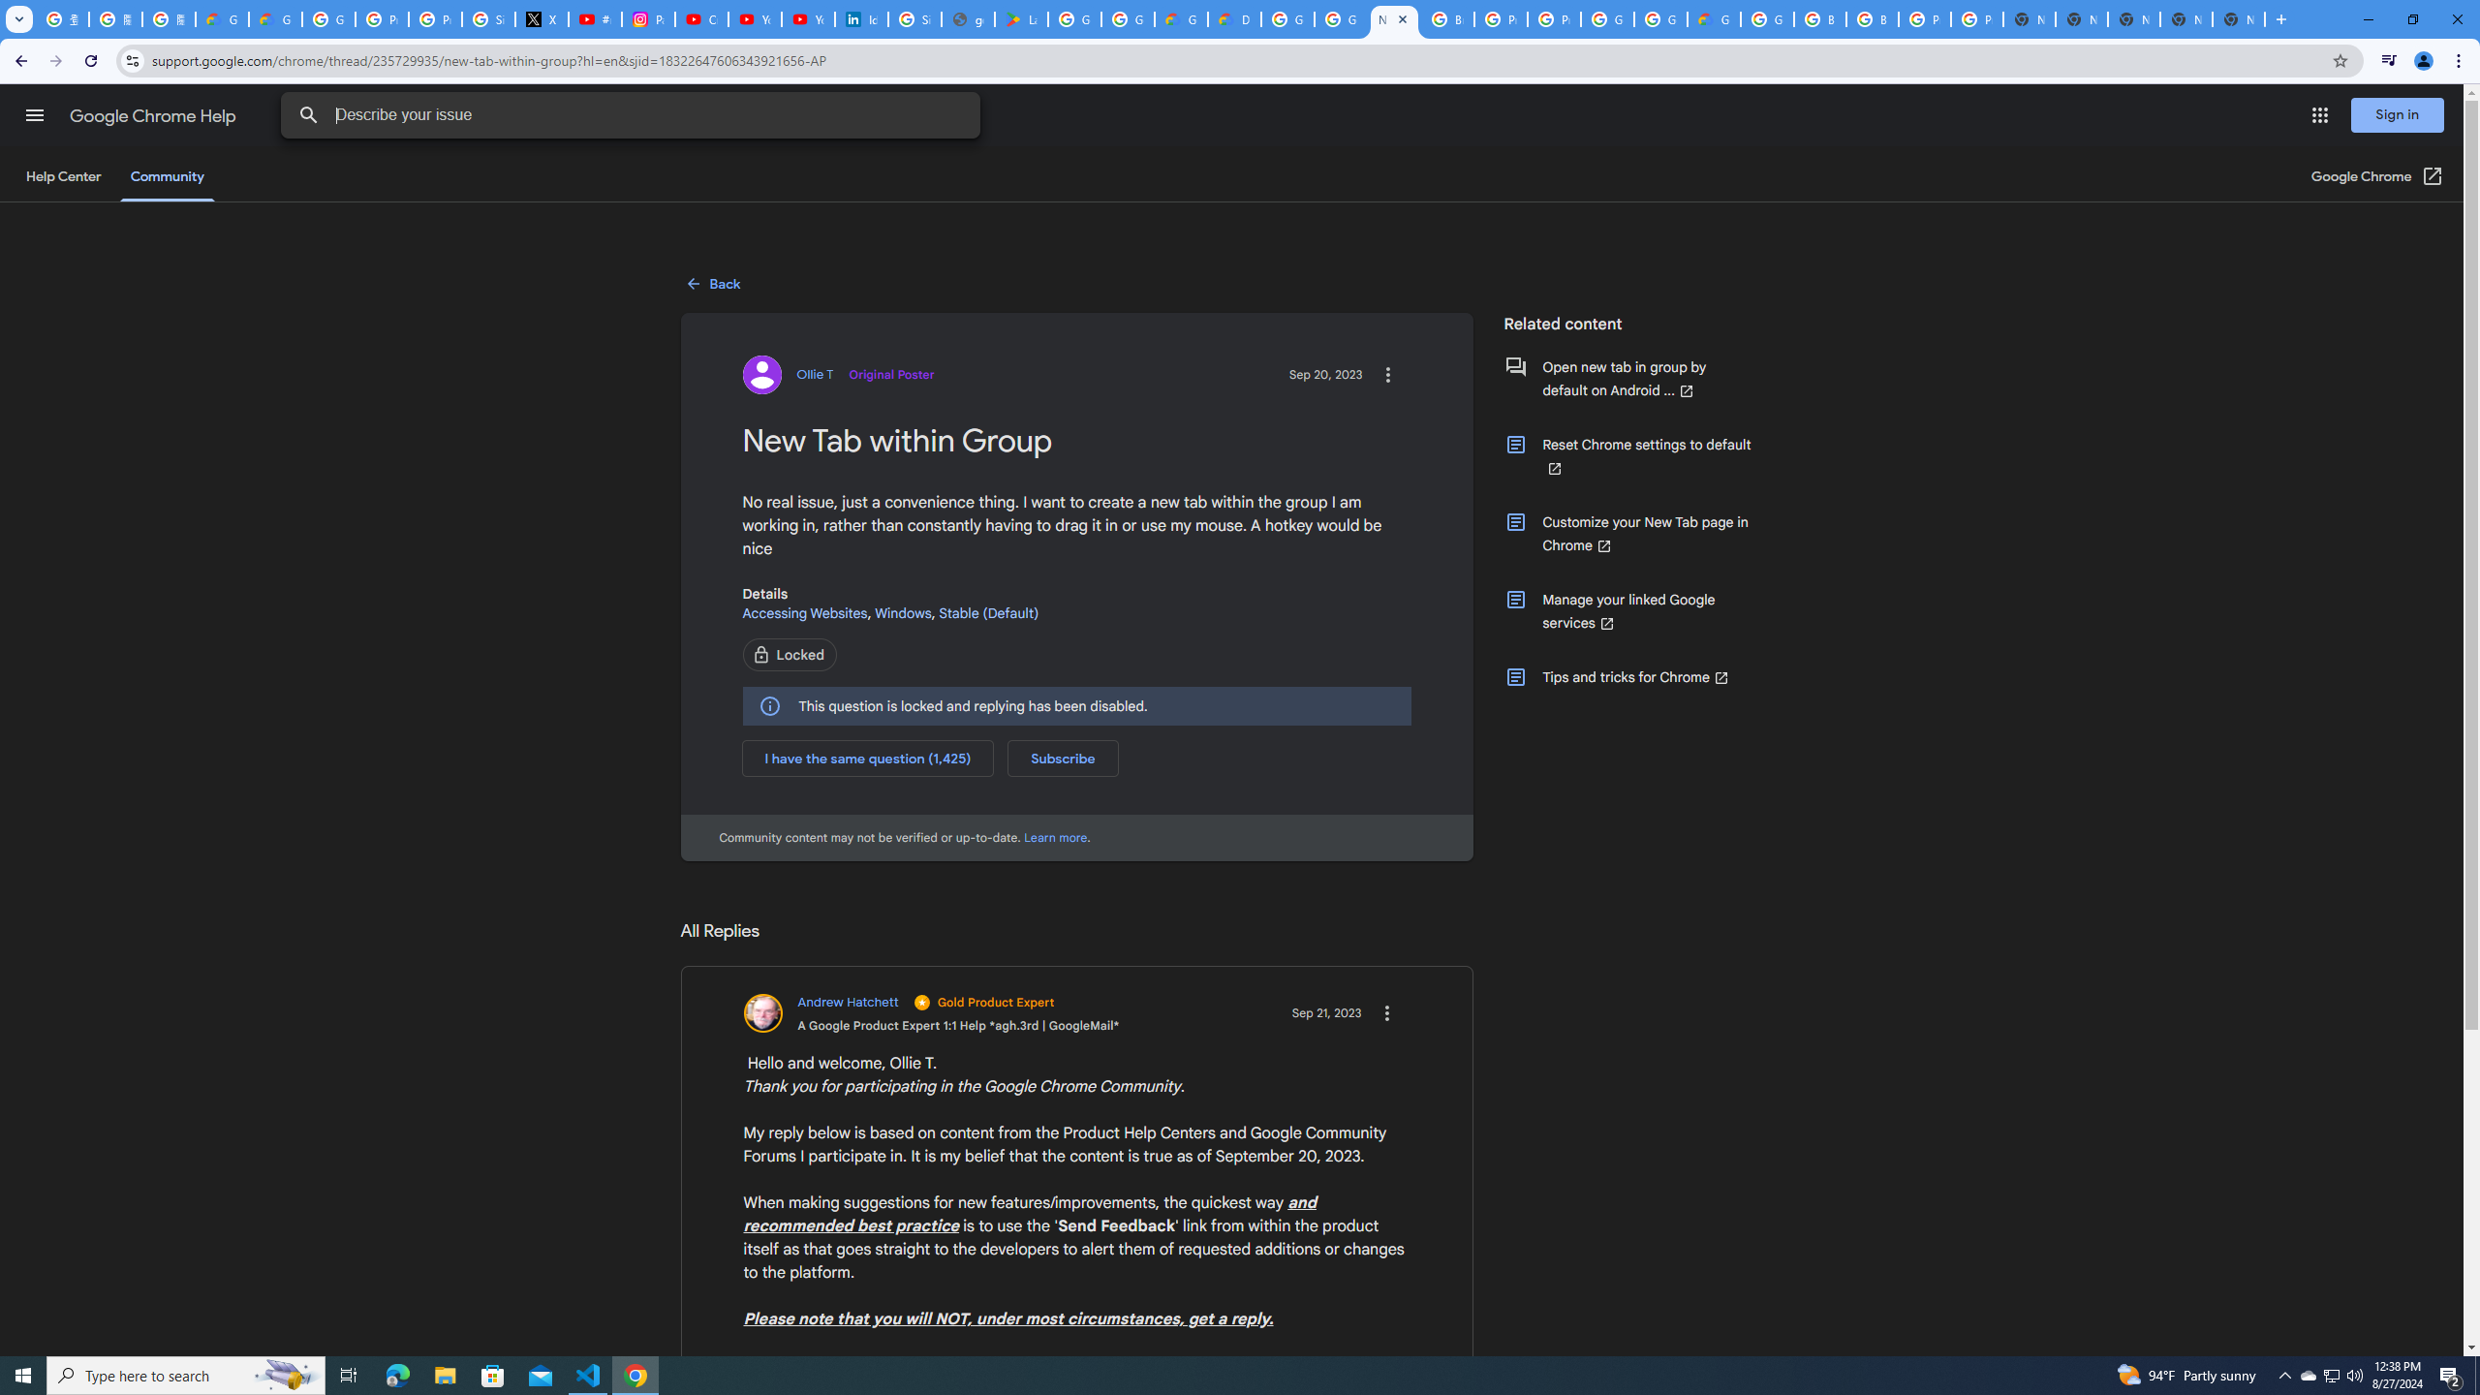 The image size is (2480, 1395). What do you see at coordinates (307, 114) in the screenshot?
I see `'Search Help Center'` at bounding box center [307, 114].